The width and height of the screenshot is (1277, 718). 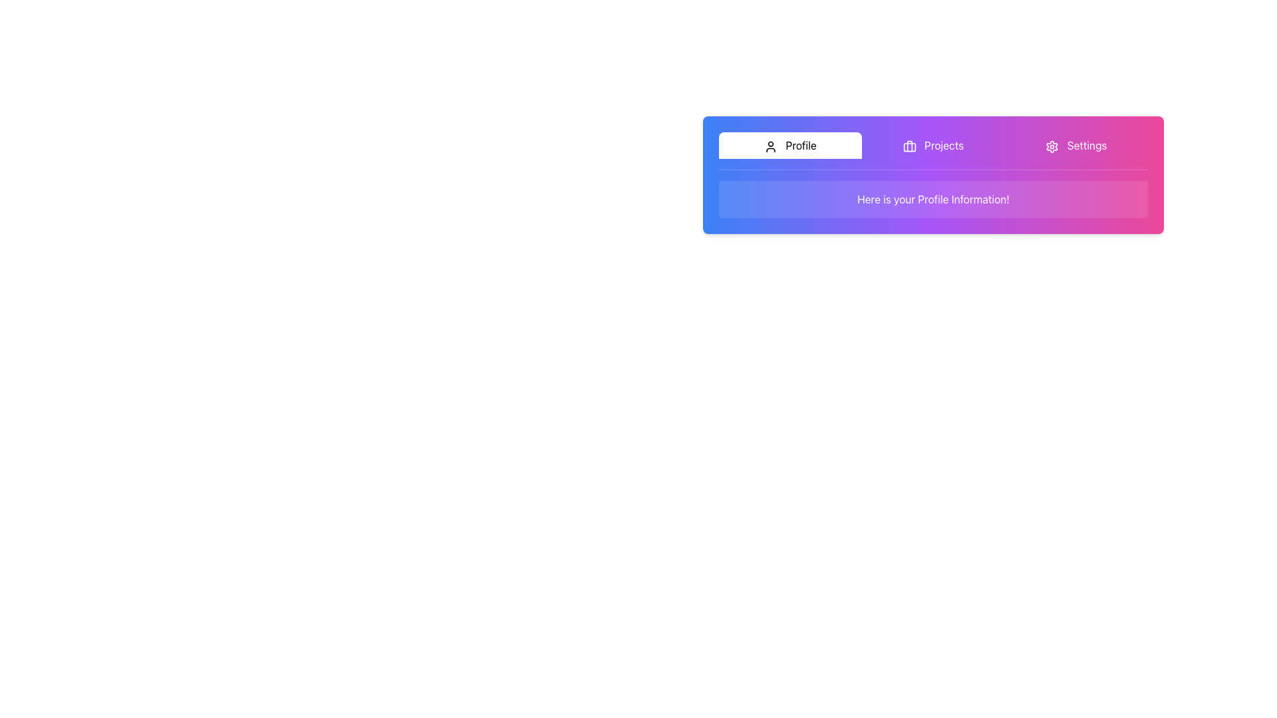 What do you see at coordinates (1052, 146) in the screenshot?
I see `the settings icon located to the left of the 'Settings' text in the navigation bar, which has a pink/purple background and is the third element from the left` at bounding box center [1052, 146].